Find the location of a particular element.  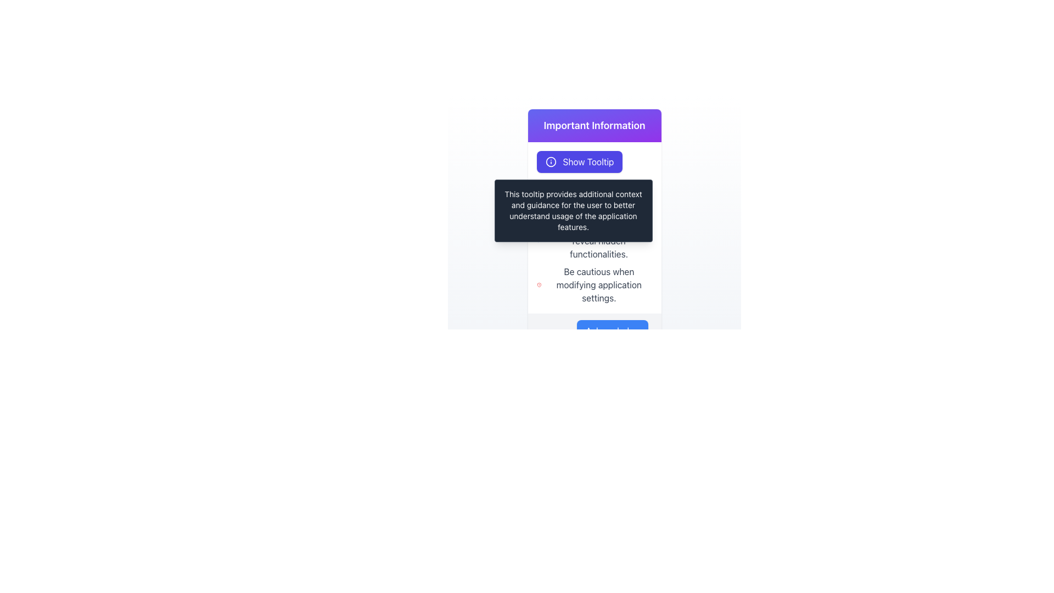

the main interactive button located below the 'Important Information' section is located at coordinates (579, 161).